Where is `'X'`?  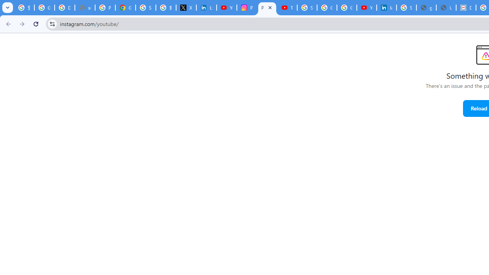 'X' is located at coordinates (186, 8).